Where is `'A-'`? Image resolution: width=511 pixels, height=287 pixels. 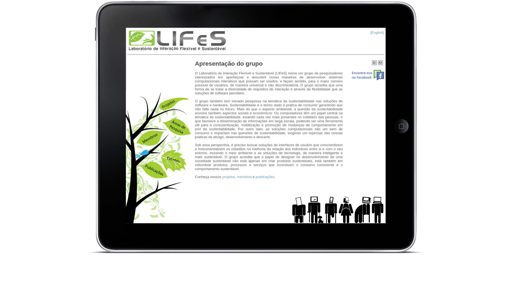
'A-' is located at coordinates (374, 62).